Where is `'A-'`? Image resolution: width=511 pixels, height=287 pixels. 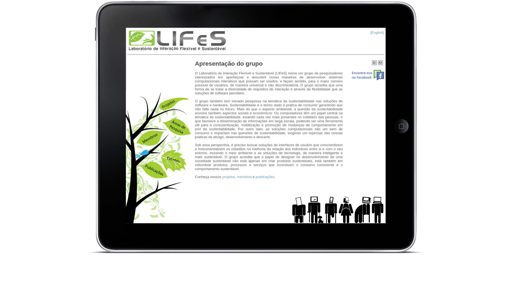
'A-' is located at coordinates (374, 62).